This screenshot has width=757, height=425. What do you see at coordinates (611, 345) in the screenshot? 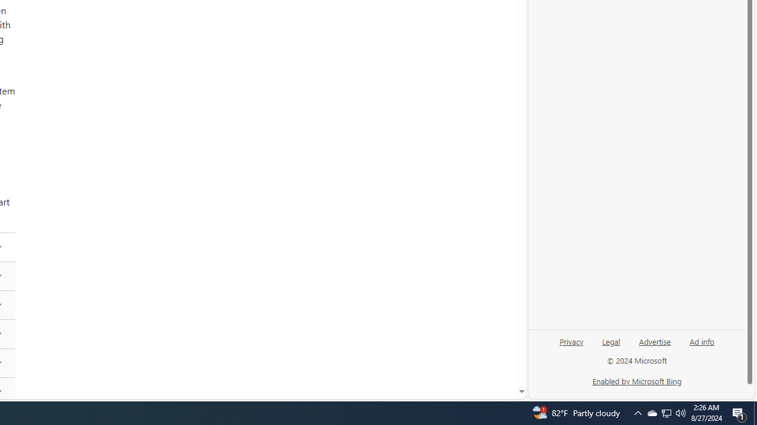
I see `'Legal'` at bounding box center [611, 345].